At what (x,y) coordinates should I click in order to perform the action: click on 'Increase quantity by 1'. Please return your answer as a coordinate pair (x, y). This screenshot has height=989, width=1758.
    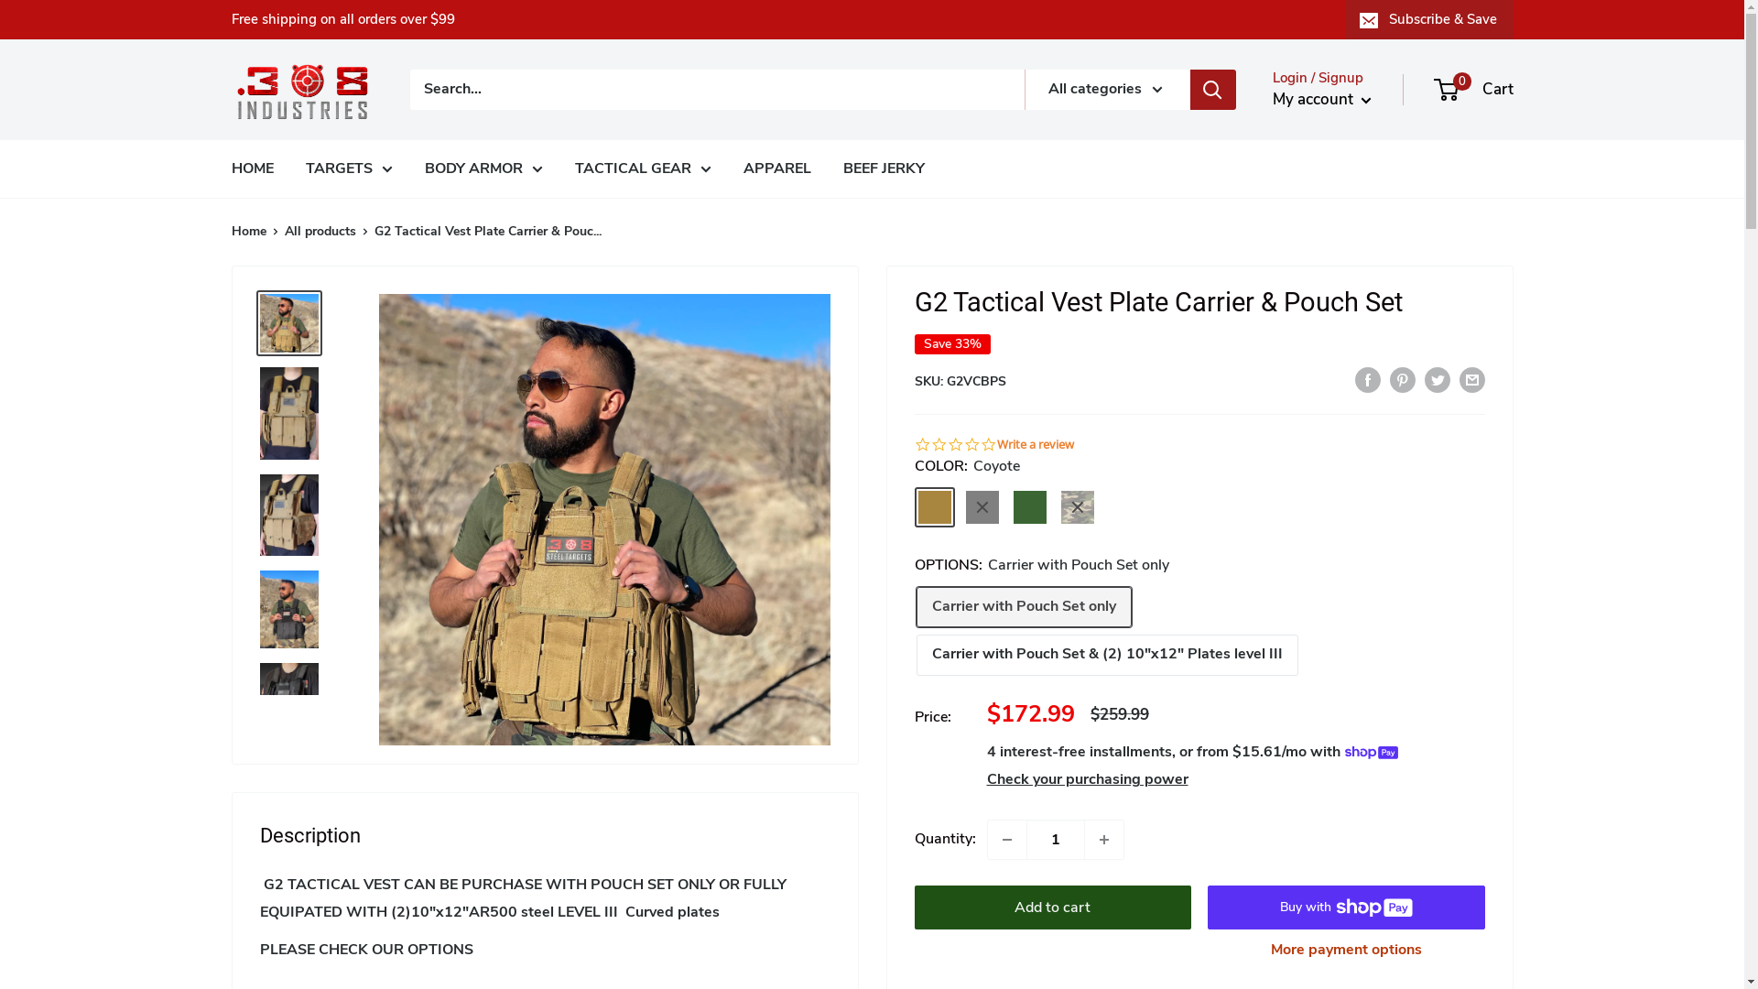
    Looking at the image, I should click on (1101, 840).